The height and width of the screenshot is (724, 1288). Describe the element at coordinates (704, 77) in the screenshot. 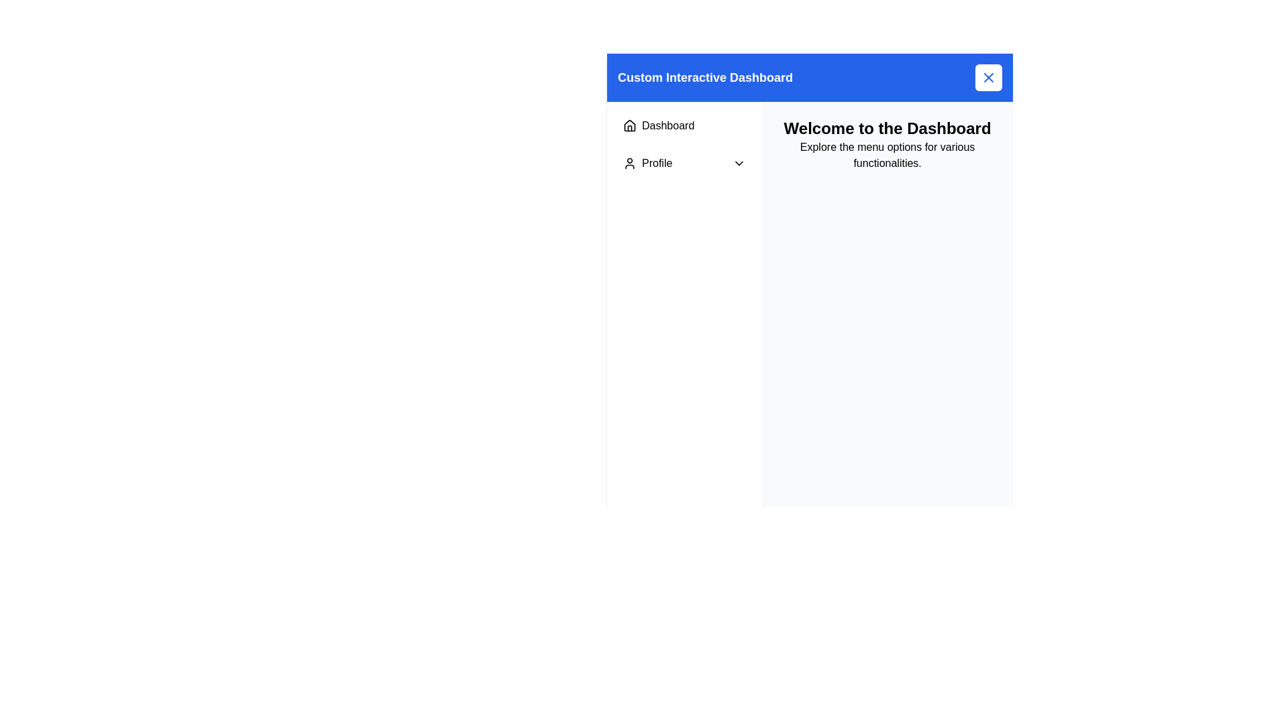

I see `the static text label indicating 'Custom Interactive Dashboard', which serves as the title of the current interface, located at the center-left part of the blue header bar` at that location.